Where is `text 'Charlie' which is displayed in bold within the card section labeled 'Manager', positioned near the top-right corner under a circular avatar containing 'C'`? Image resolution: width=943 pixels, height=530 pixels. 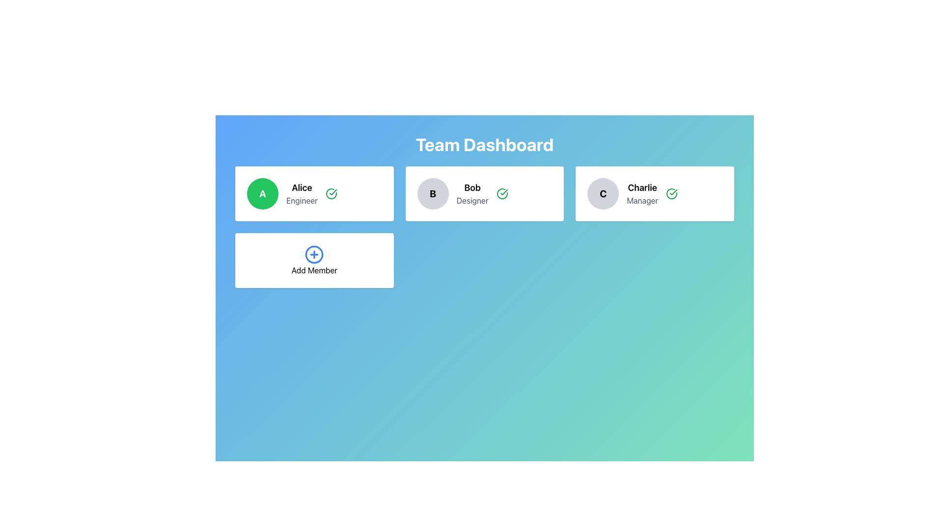 text 'Charlie' which is displayed in bold within the card section labeled 'Manager', positioned near the top-right corner under a circular avatar containing 'C' is located at coordinates (642, 187).